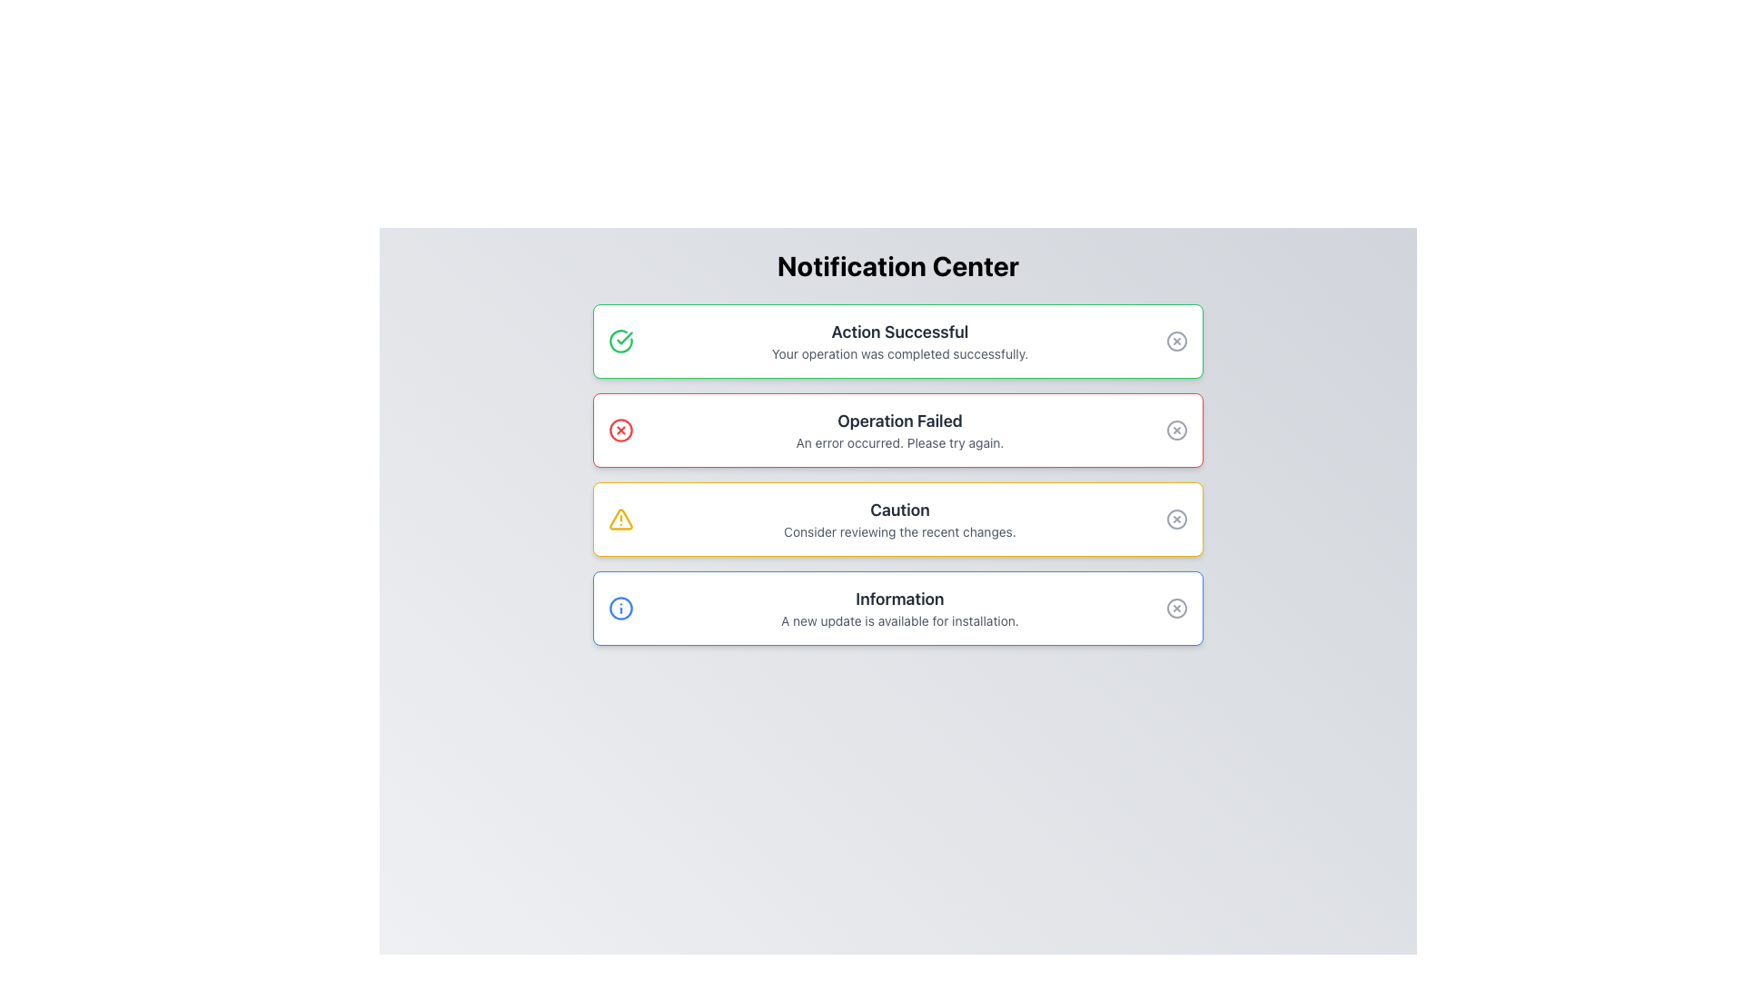  What do you see at coordinates (899, 421) in the screenshot?
I see `the 'Operation Failed' text label that is part of the notification box conveying an error message, positioned second from the top among four vertically arranged notification boxes` at bounding box center [899, 421].